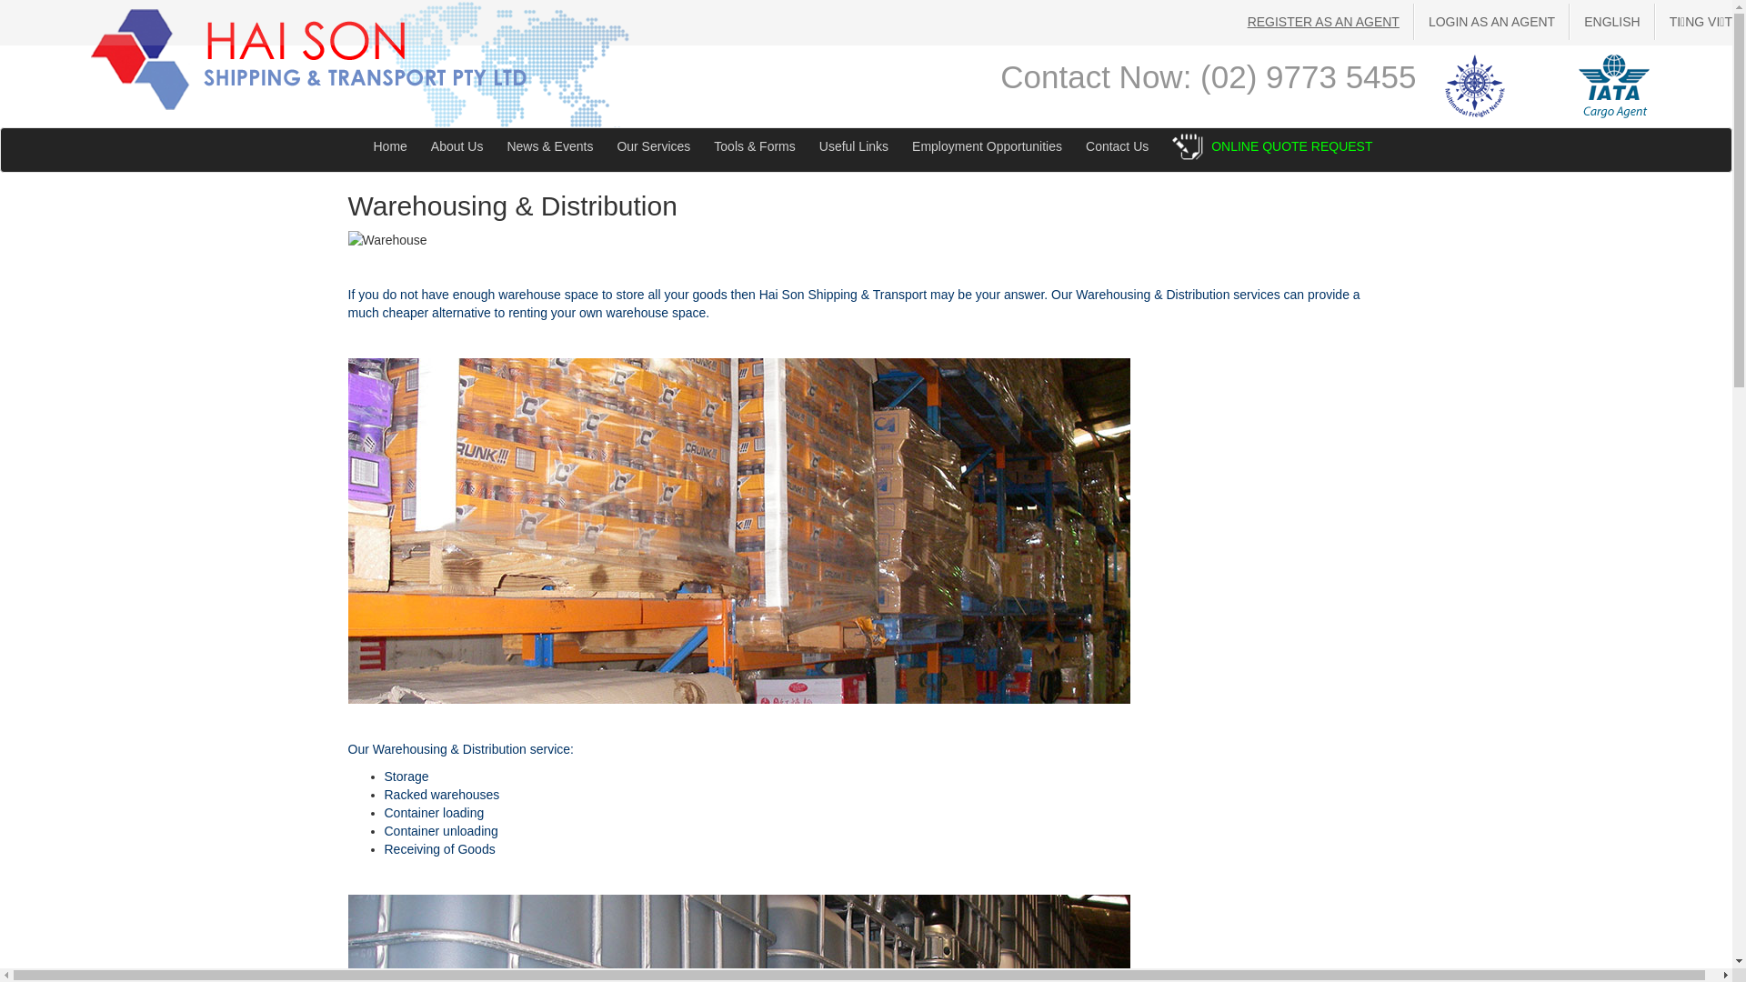  I want to click on 'ONLINE QUOTE REQUEST', so click(1290, 145).